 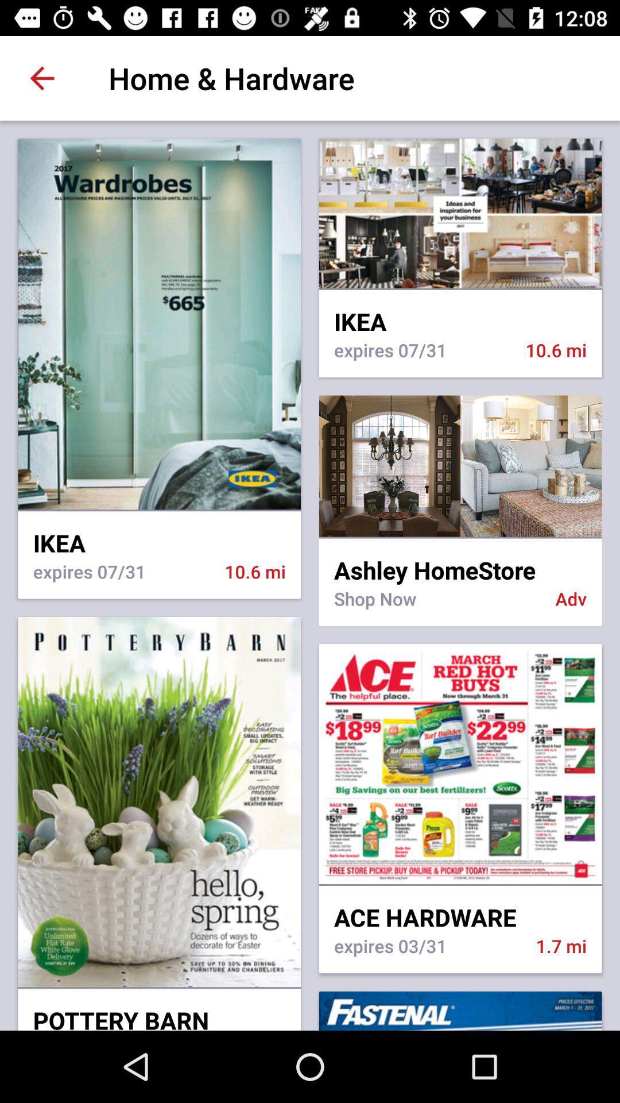 I want to click on click on store, so click(x=460, y=466).